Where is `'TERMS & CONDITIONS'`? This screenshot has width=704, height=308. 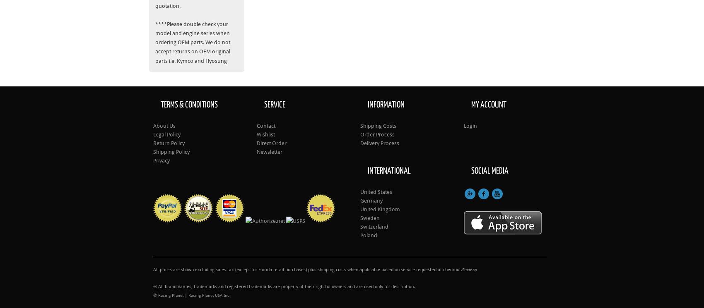 'TERMS & CONDITIONS' is located at coordinates (189, 104).